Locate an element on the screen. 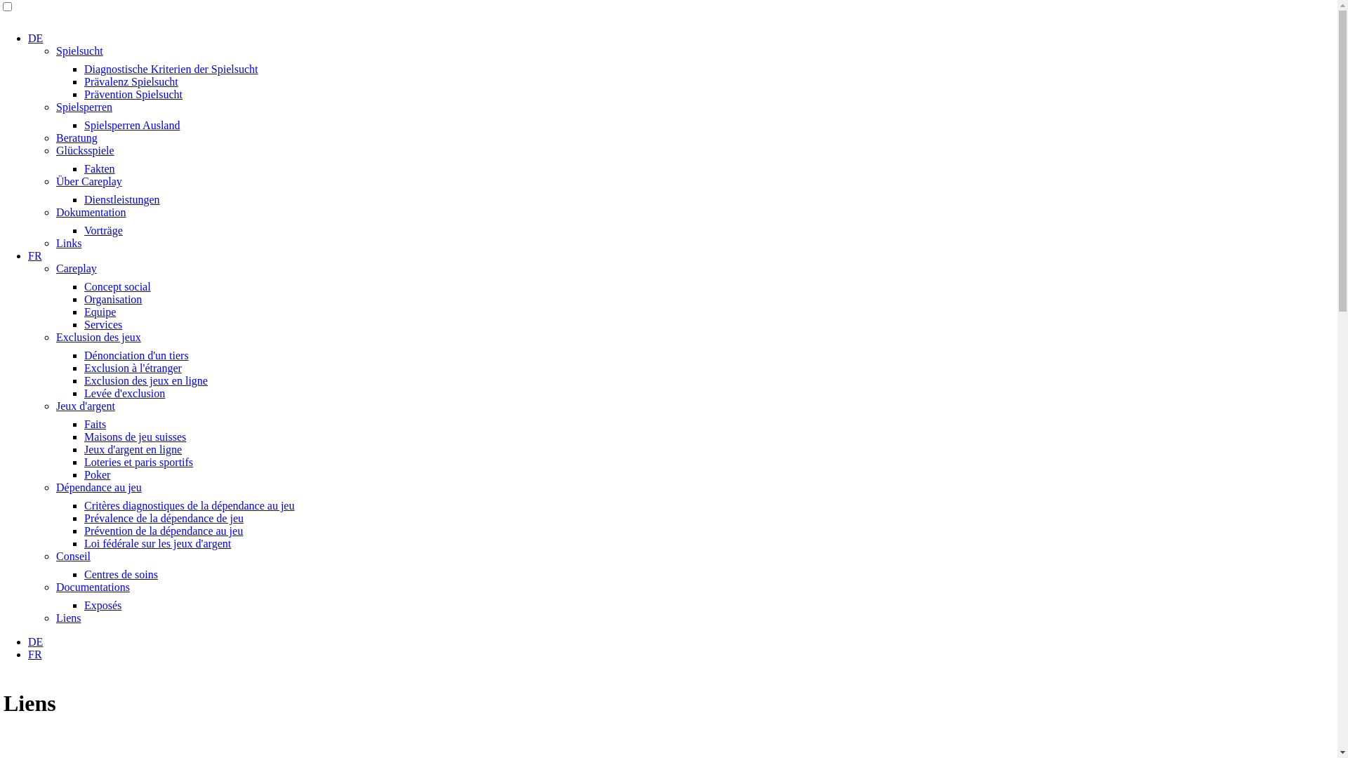 This screenshot has width=1348, height=758. 'Links' is located at coordinates (67, 242).